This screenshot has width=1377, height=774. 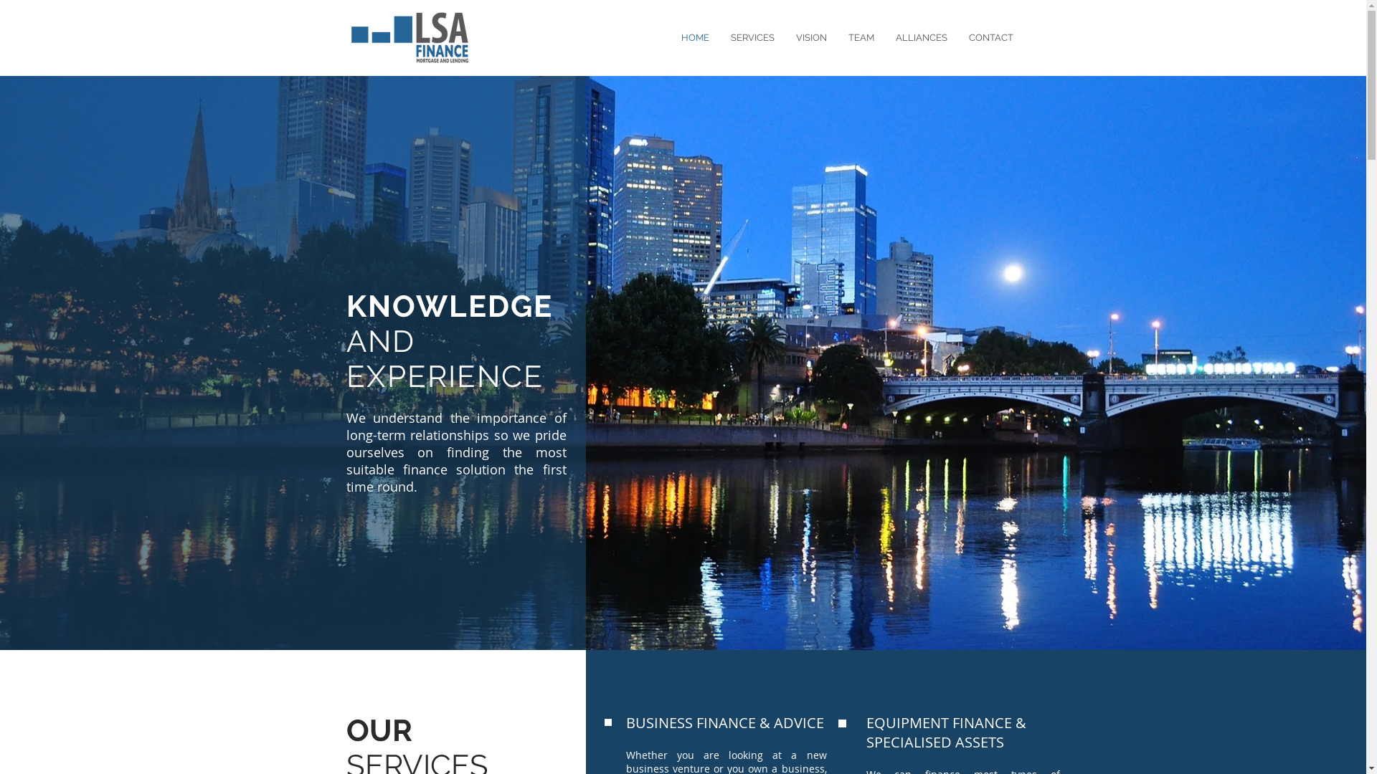 What do you see at coordinates (345, 37) in the screenshot?
I see `'LSA Finance Master Logo-01.png'` at bounding box center [345, 37].